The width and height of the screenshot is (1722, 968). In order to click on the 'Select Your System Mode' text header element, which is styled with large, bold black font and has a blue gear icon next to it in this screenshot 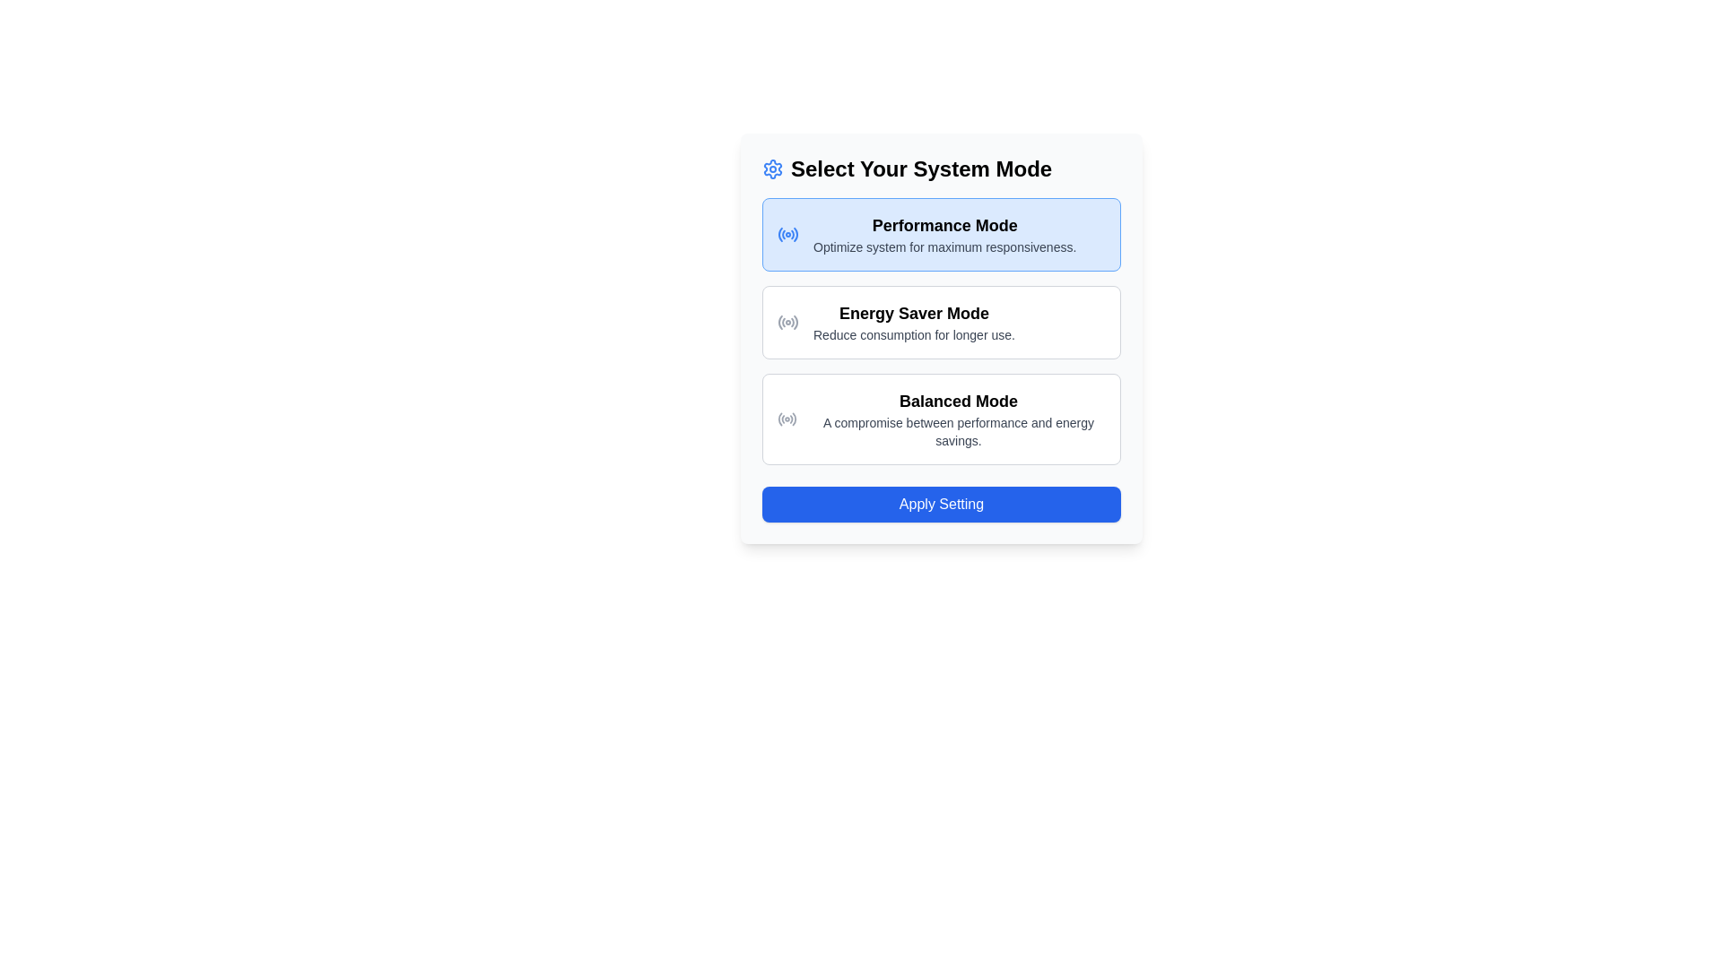, I will do `click(941, 169)`.